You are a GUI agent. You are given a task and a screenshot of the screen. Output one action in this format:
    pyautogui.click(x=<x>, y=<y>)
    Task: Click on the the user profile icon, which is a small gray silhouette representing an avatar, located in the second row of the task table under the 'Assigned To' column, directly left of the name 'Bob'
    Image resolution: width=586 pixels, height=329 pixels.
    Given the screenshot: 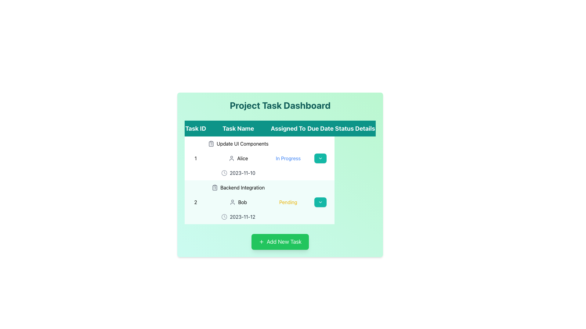 What is the action you would take?
    pyautogui.click(x=232, y=202)
    